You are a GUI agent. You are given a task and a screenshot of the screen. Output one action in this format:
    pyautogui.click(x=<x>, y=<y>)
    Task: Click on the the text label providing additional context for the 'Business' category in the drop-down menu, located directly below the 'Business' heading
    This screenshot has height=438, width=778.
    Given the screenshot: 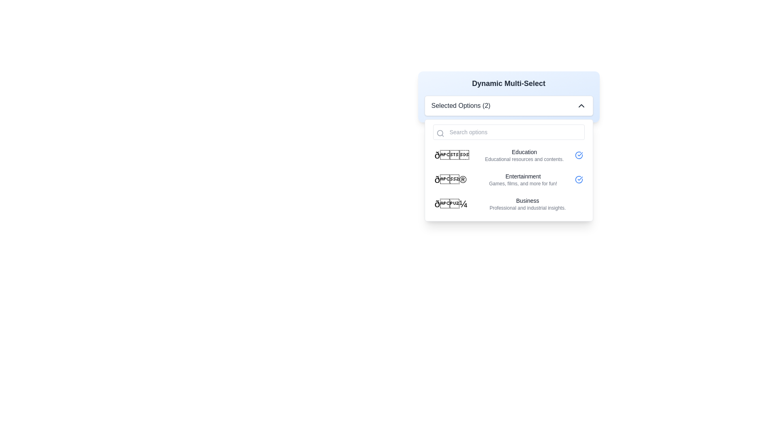 What is the action you would take?
    pyautogui.click(x=528, y=208)
    